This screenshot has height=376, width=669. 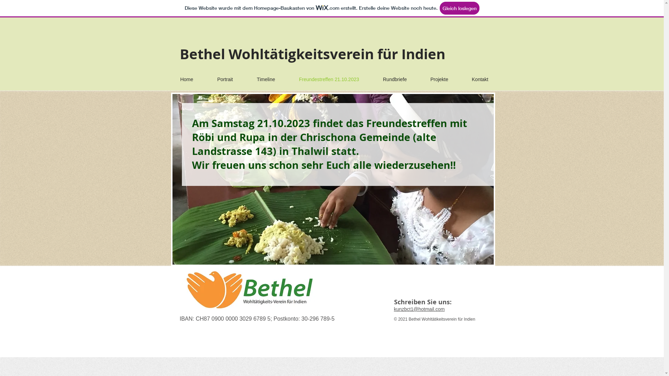 What do you see at coordinates (180, 79) in the screenshot?
I see `'Home'` at bounding box center [180, 79].